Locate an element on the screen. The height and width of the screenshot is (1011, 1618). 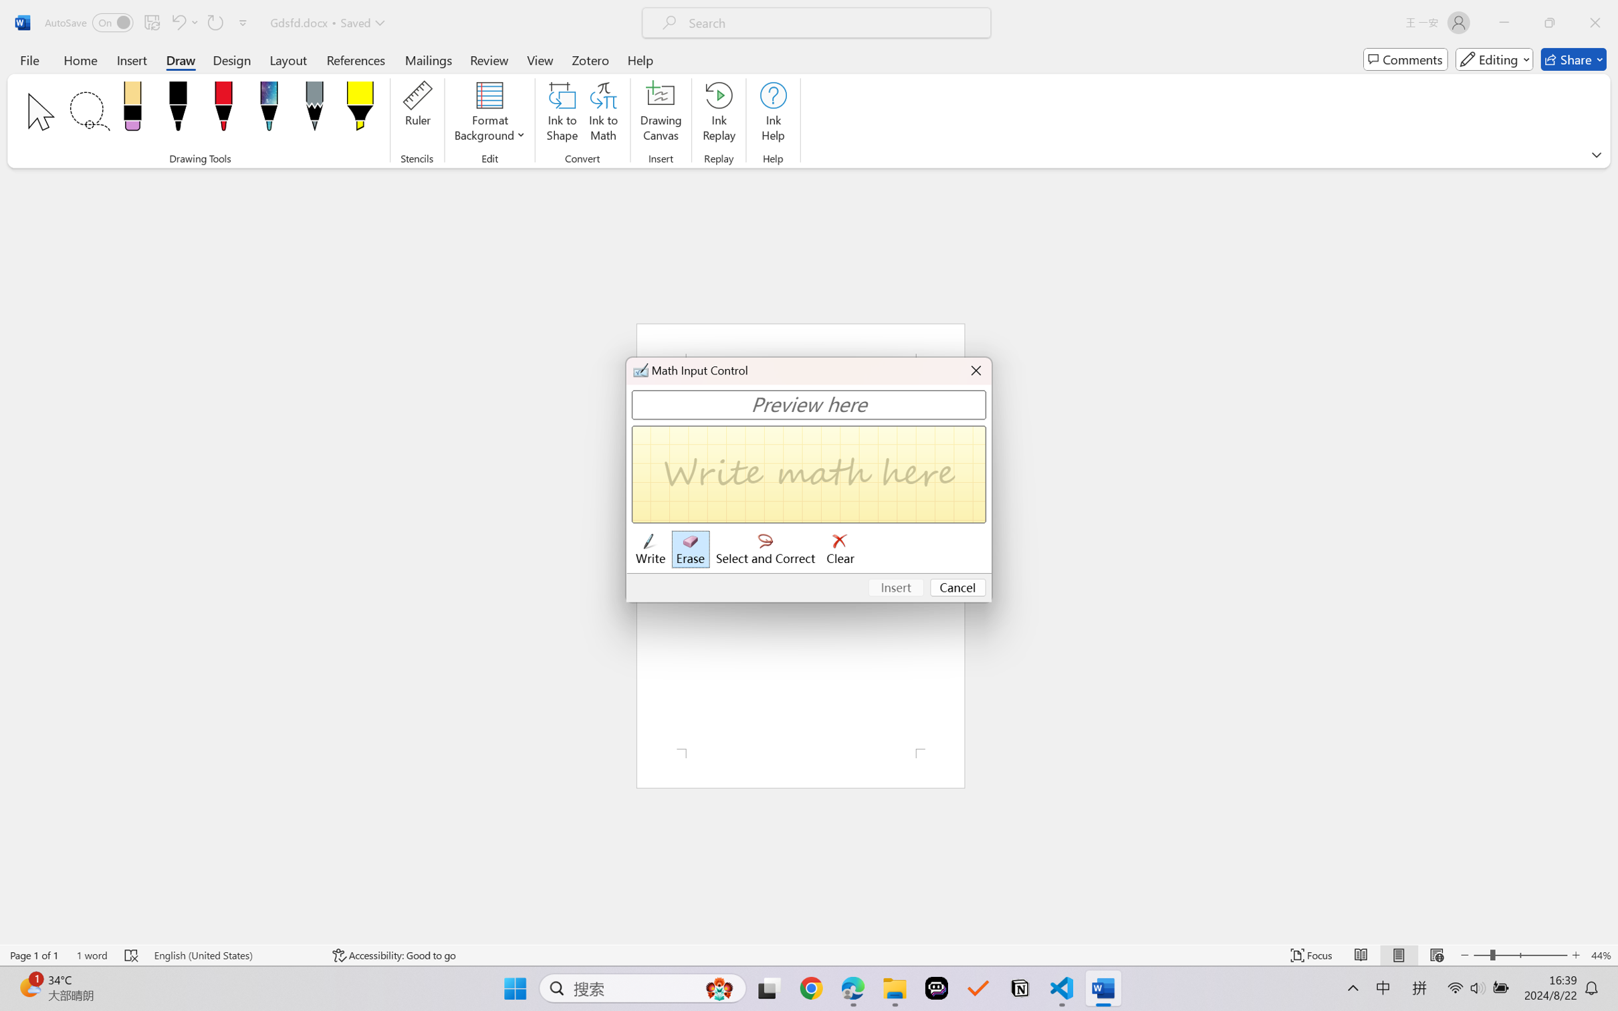
'Google Chrome' is located at coordinates (811, 988).